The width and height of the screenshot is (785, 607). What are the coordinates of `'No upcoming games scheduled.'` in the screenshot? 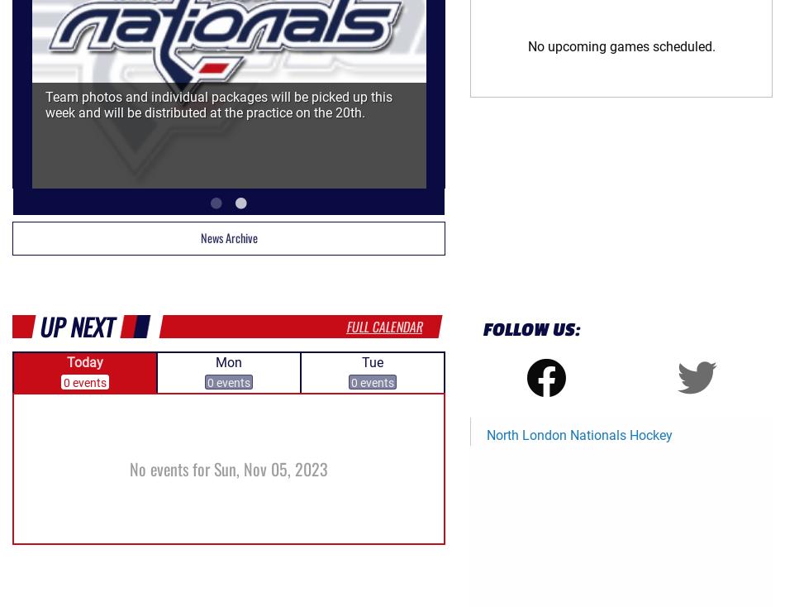 It's located at (620, 45).